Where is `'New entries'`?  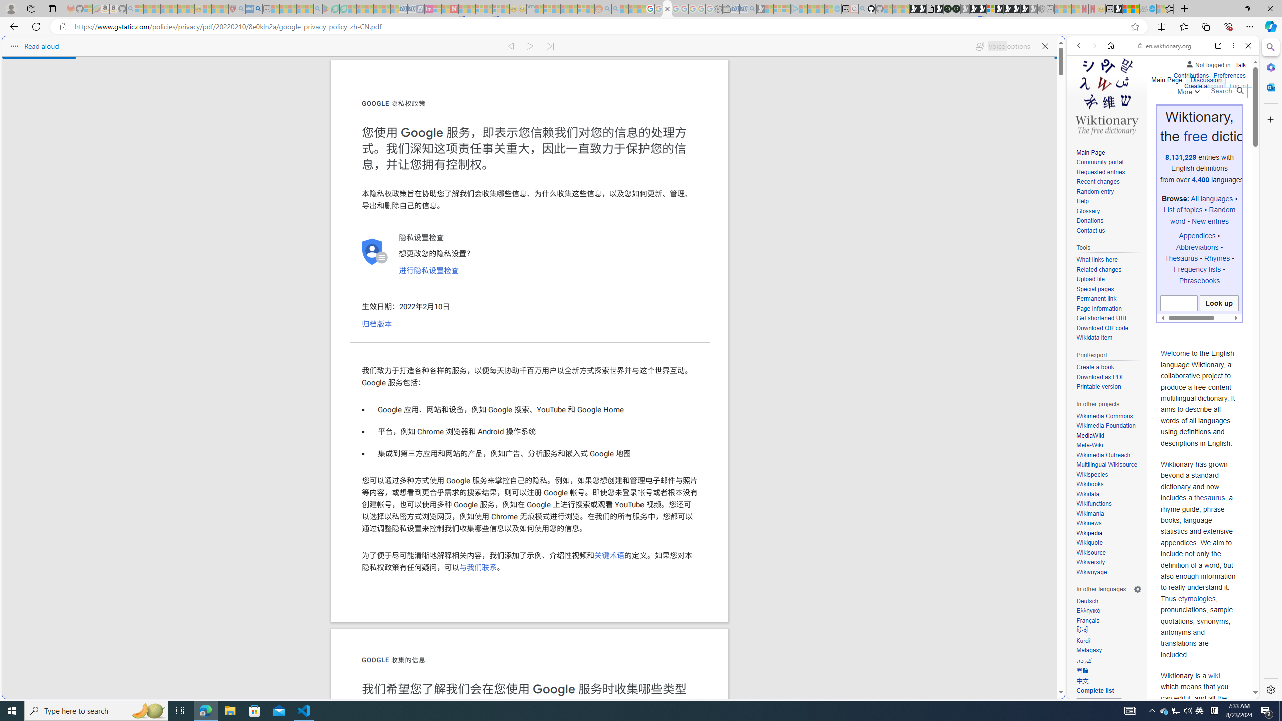
'New entries' is located at coordinates (1210, 220).